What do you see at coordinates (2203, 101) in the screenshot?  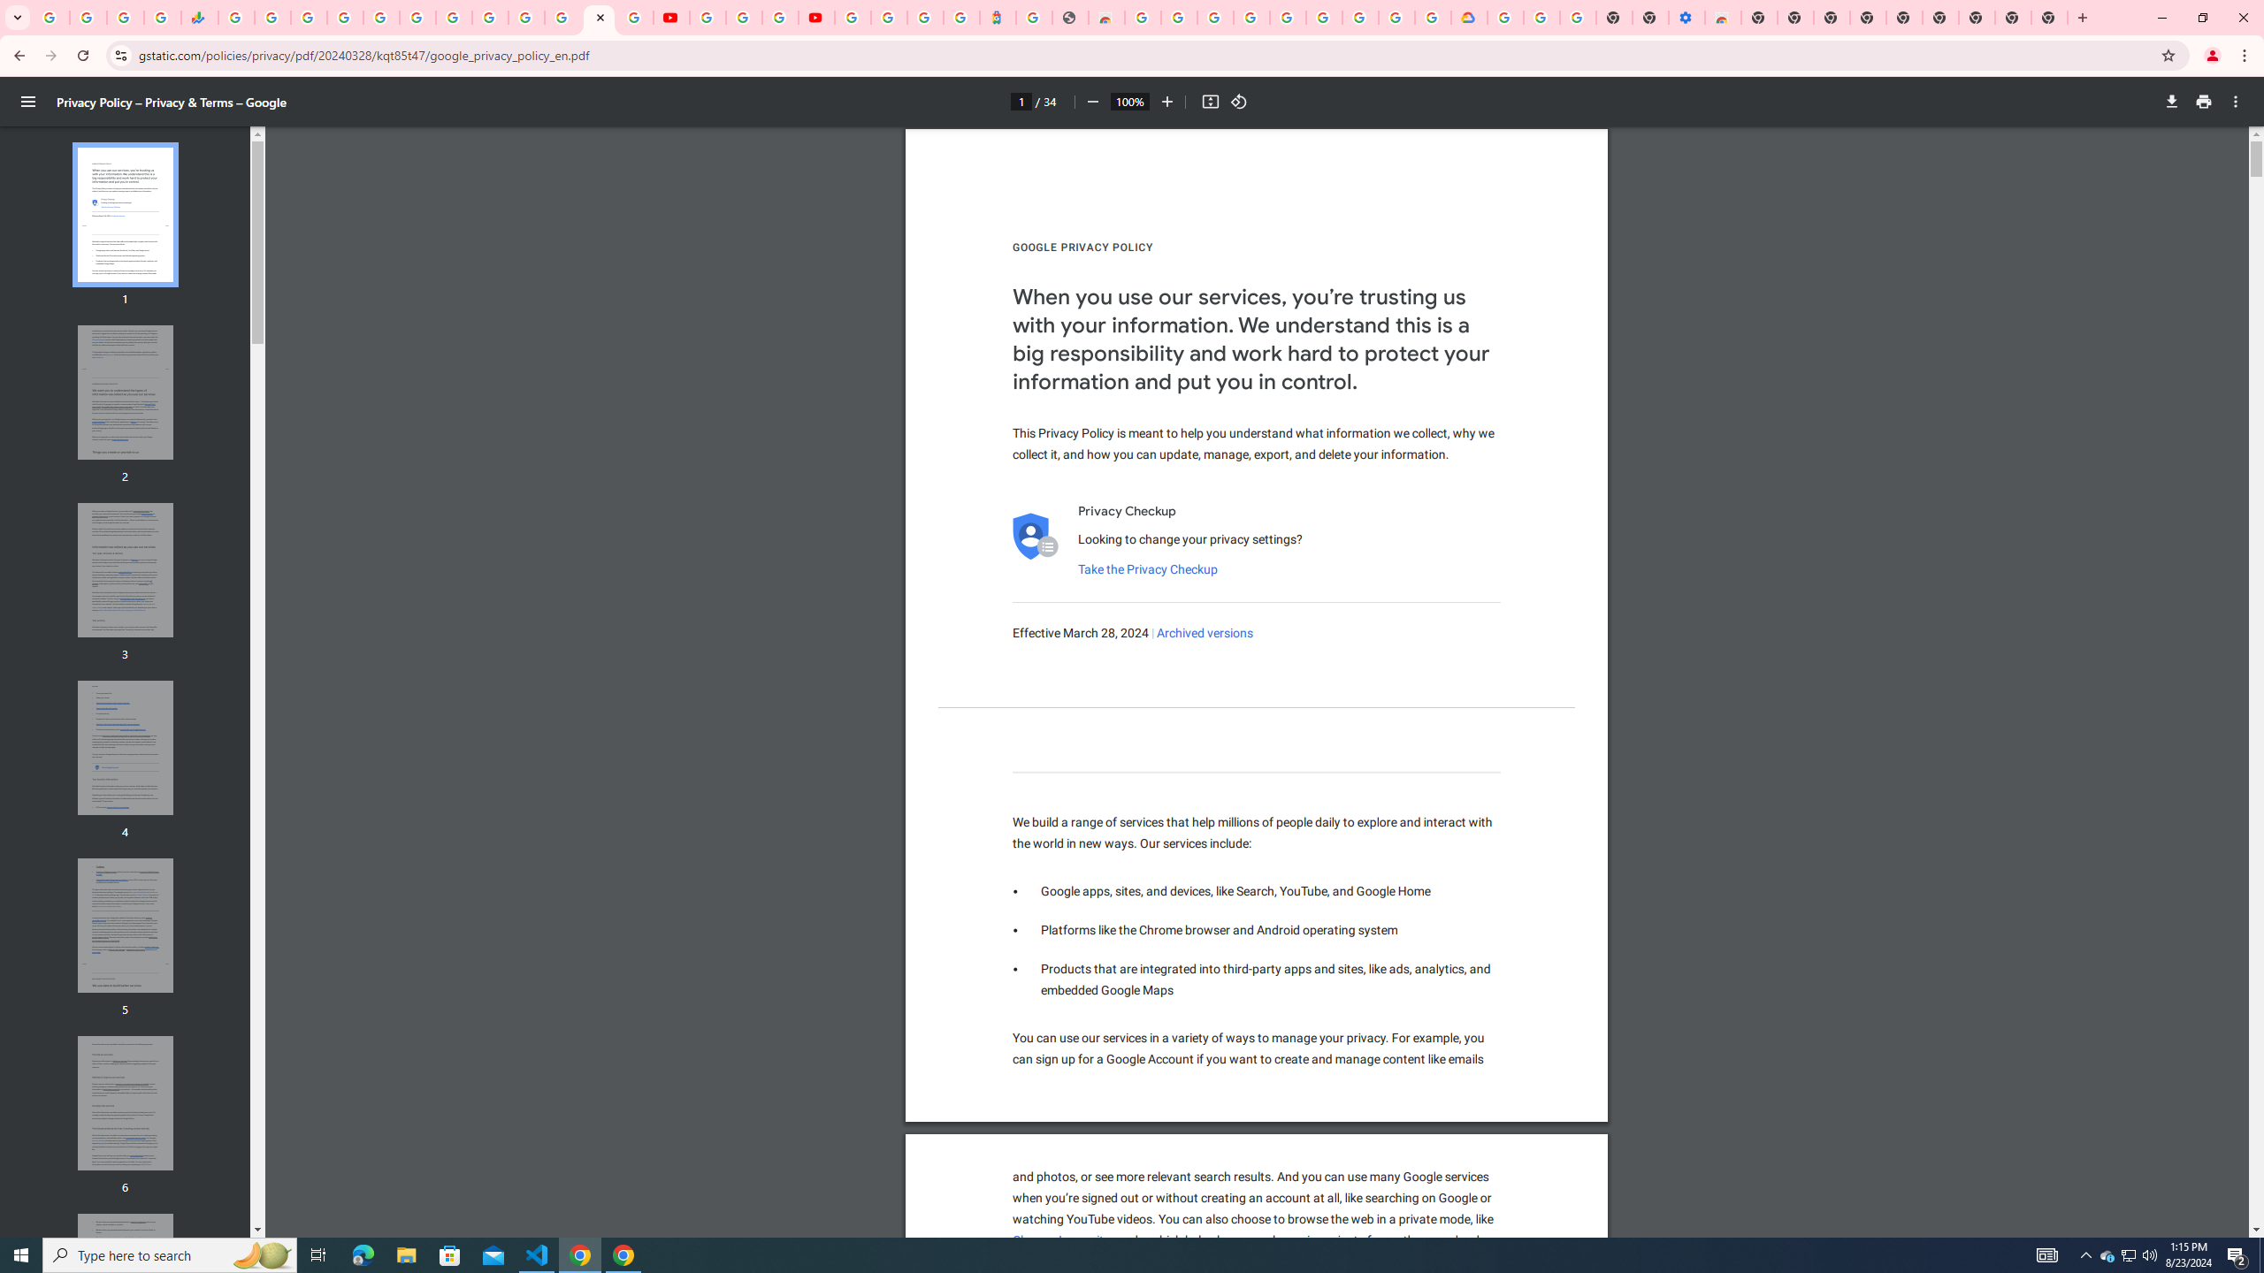 I see `'Print'` at bounding box center [2203, 101].